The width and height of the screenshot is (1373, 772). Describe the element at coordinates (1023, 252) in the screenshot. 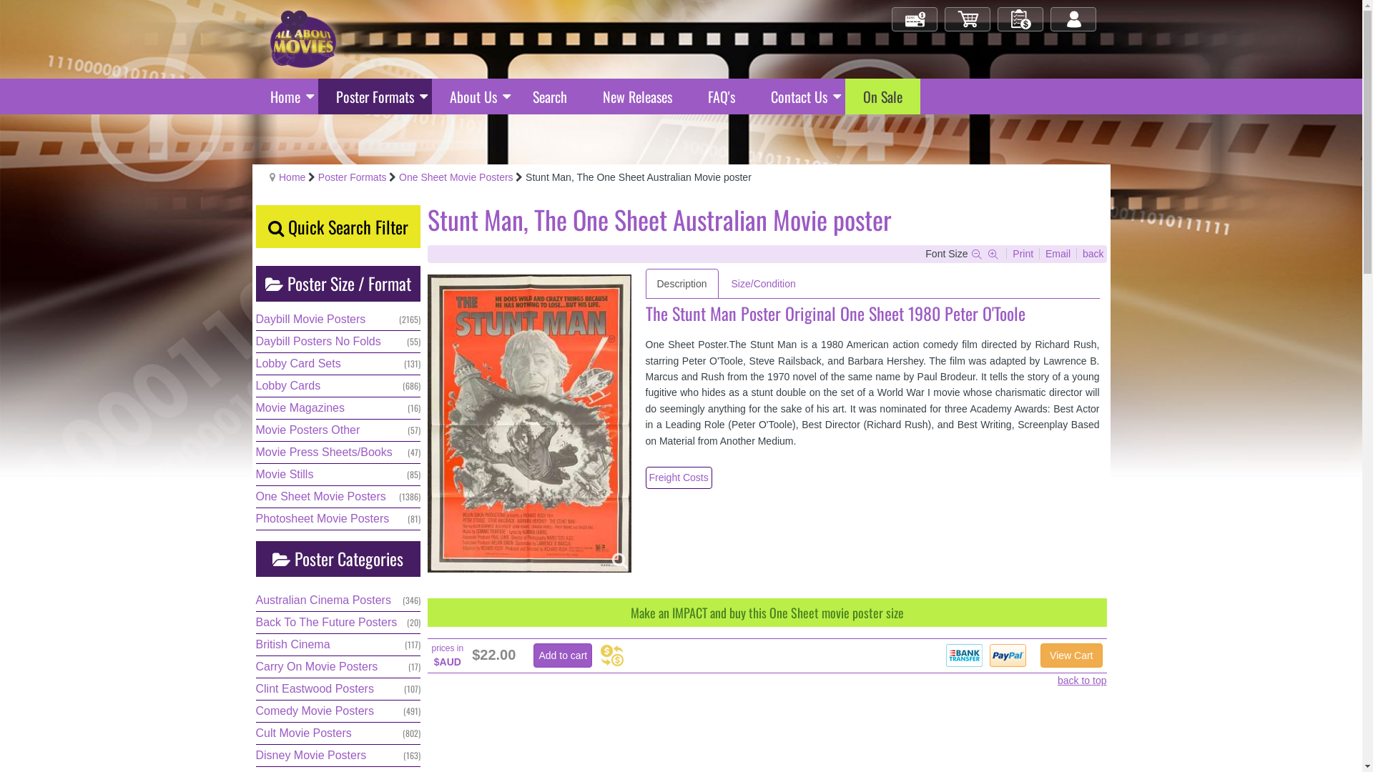

I see `'Print'` at that location.